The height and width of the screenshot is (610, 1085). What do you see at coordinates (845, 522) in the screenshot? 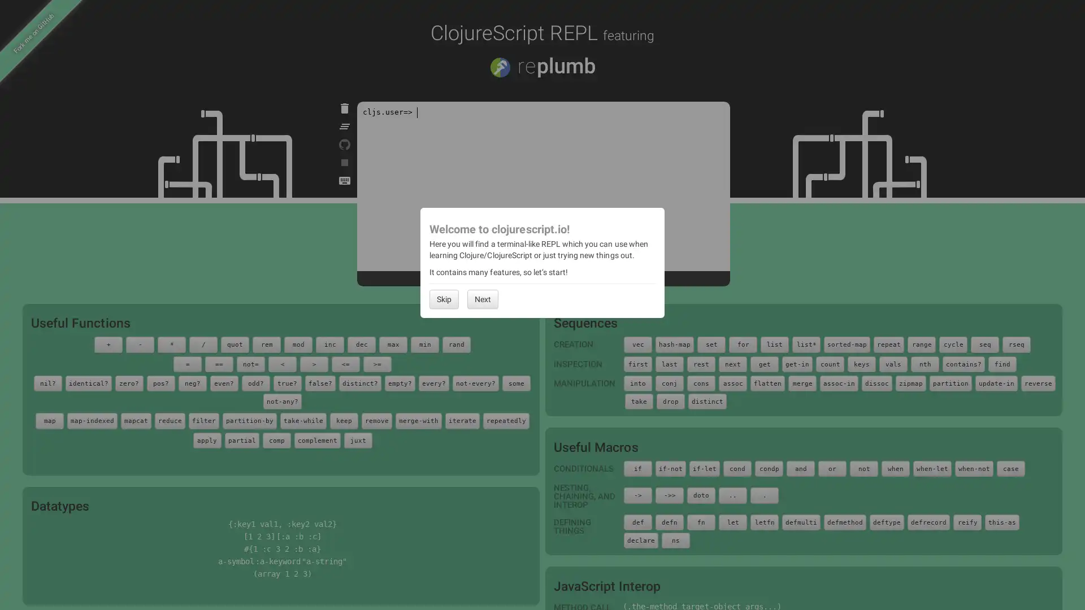
I see `defmethod` at bounding box center [845, 522].